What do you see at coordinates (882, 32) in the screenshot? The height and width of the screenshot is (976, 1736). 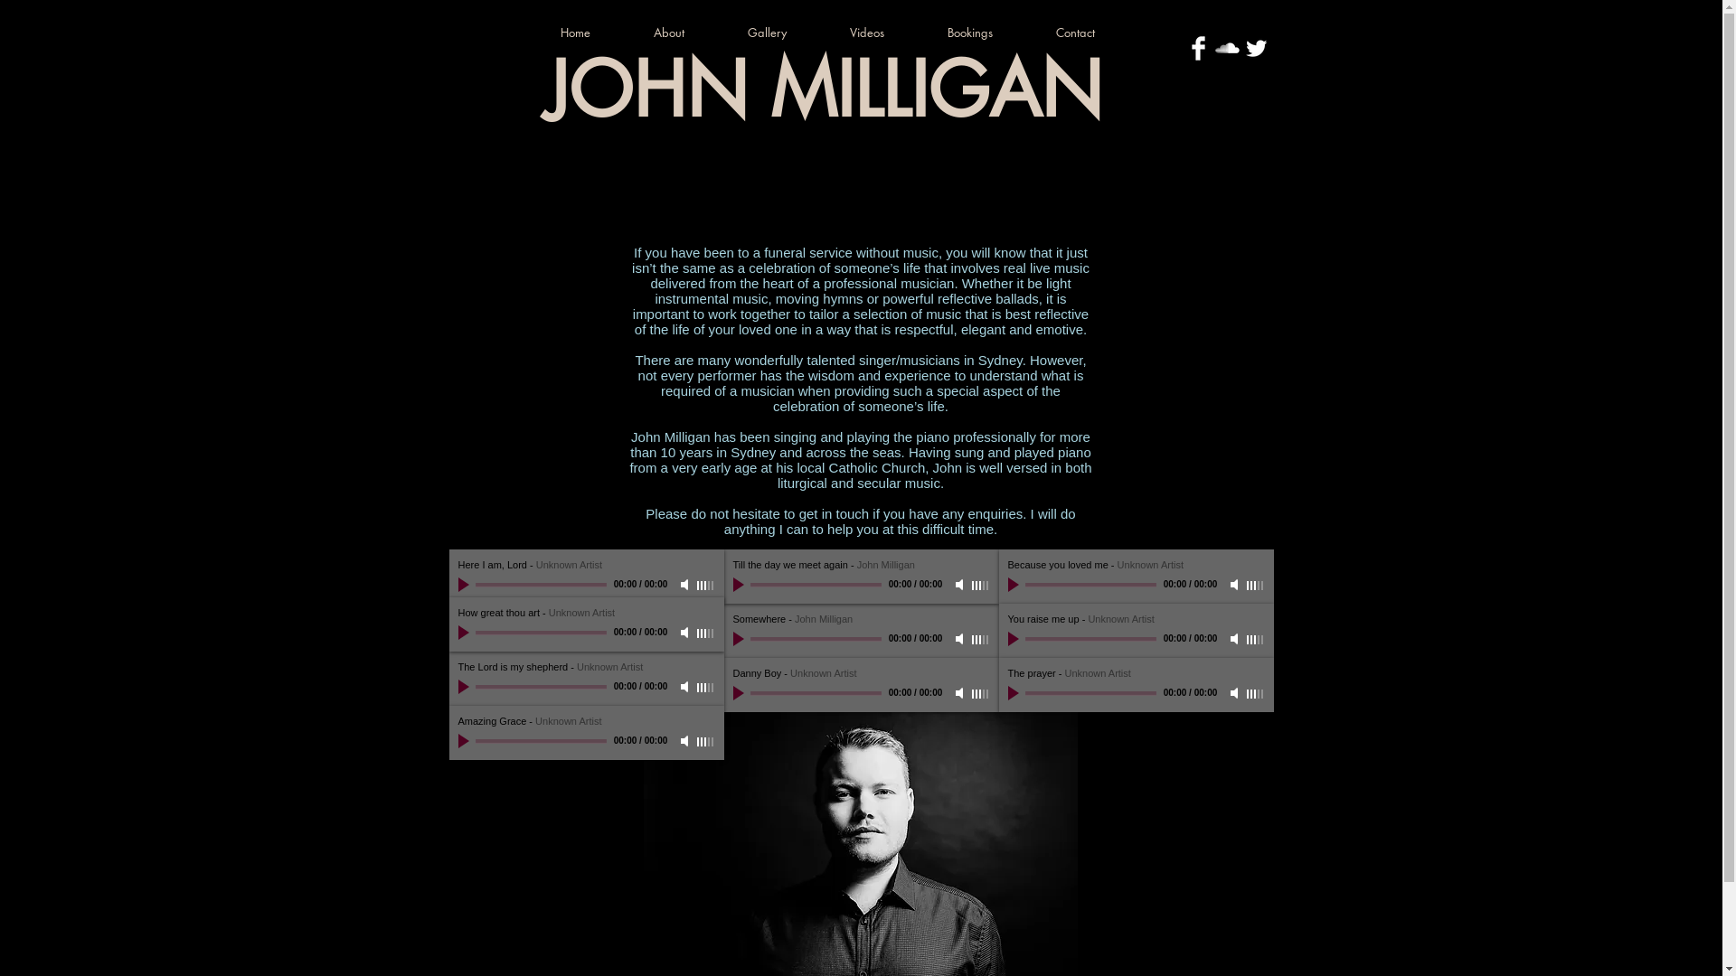 I see `'Videos'` at bounding box center [882, 32].